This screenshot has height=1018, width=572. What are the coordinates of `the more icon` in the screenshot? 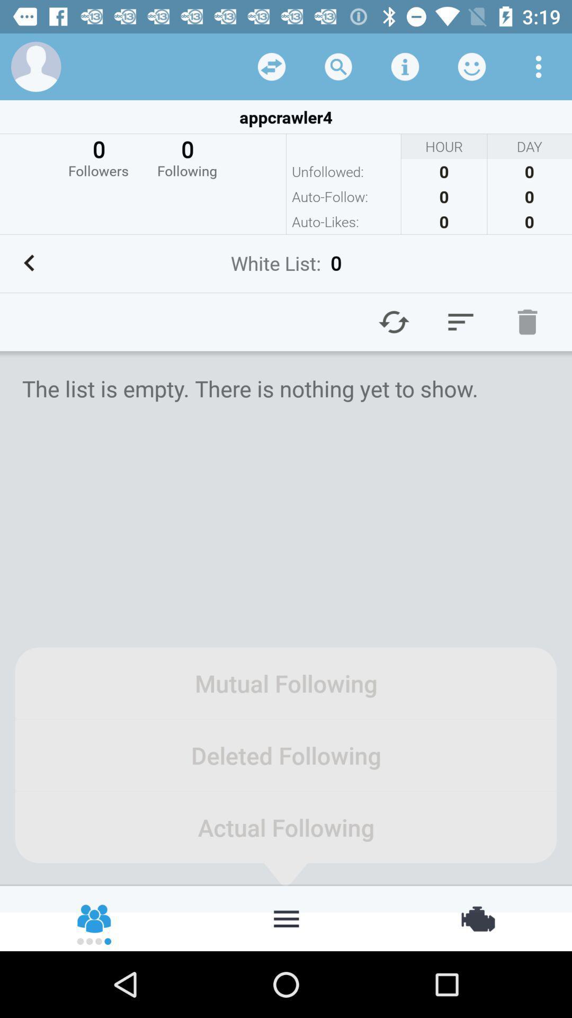 It's located at (286, 917).